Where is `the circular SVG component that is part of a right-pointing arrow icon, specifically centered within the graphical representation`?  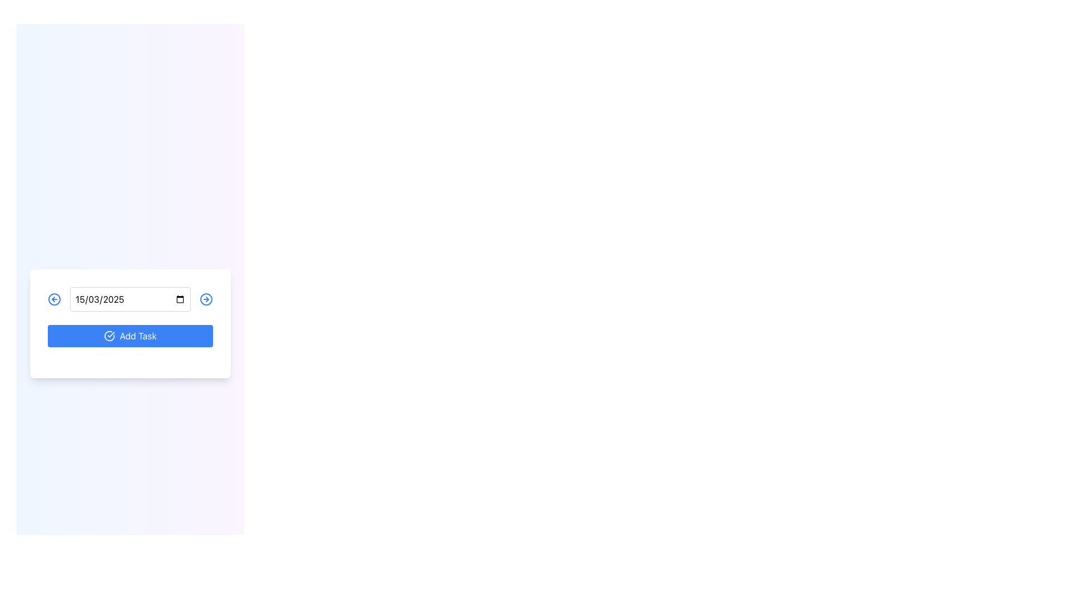 the circular SVG component that is part of a right-pointing arrow icon, specifically centered within the graphical representation is located at coordinates (206, 299).